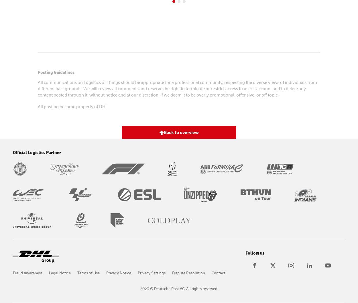 The image size is (358, 303). What do you see at coordinates (88, 273) in the screenshot?
I see `'Terms of Use'` at bounding box center [88, 273].